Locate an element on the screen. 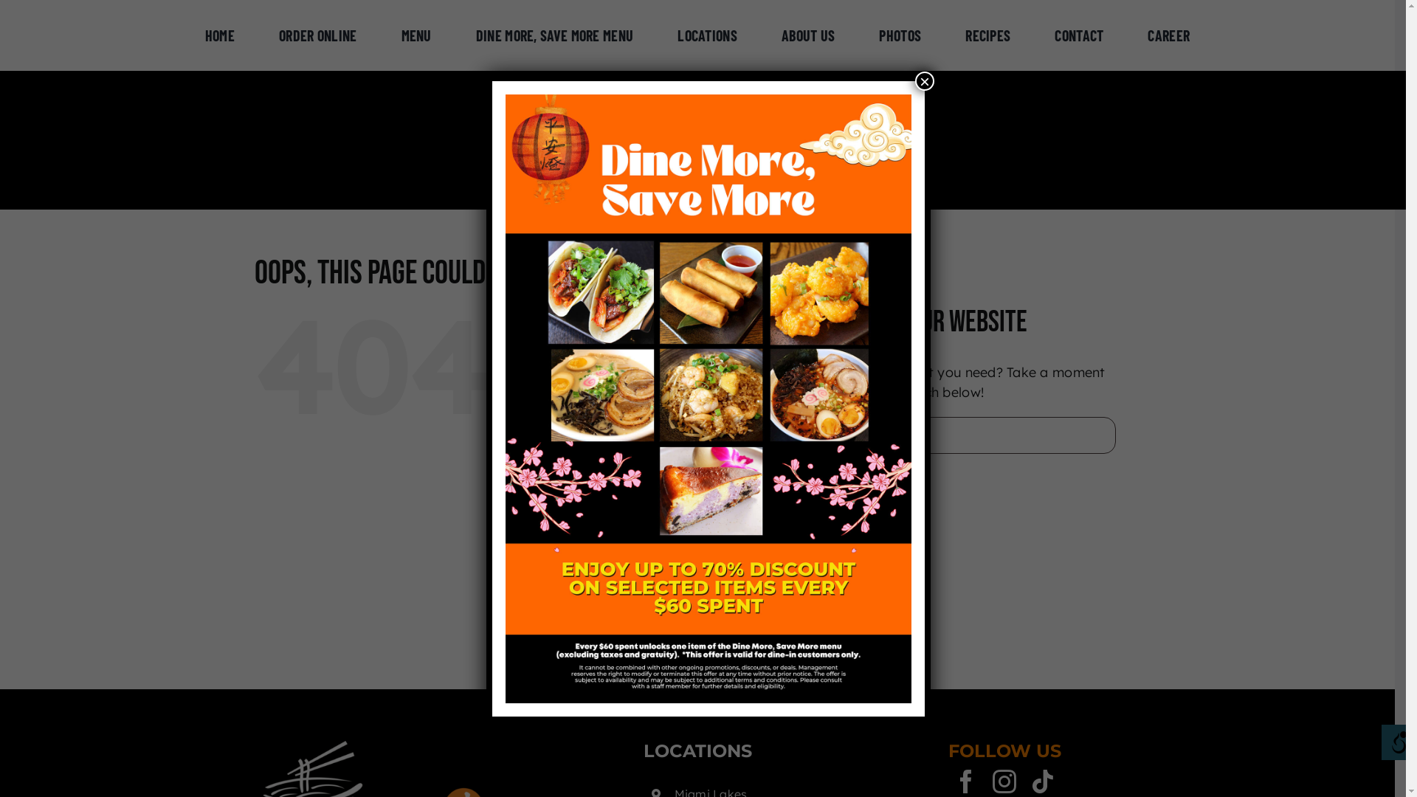 The height and width of the screenshot is (797, 1417). 'Photos' is located at coordinates (640, 545).